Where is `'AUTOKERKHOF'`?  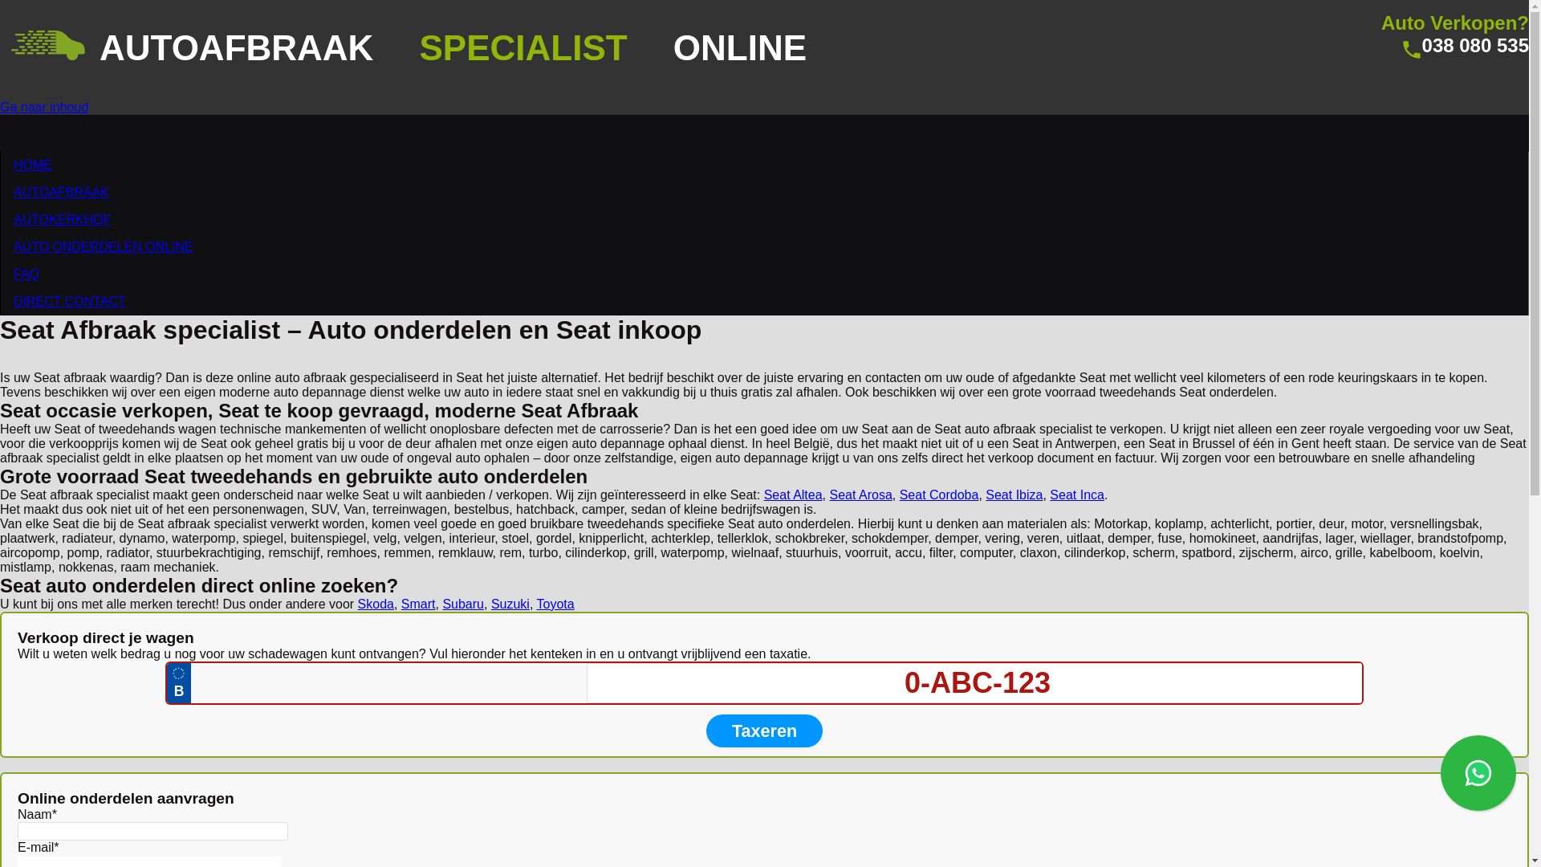
'AUTOKERKHOF' is located at coordinates (62, 219).